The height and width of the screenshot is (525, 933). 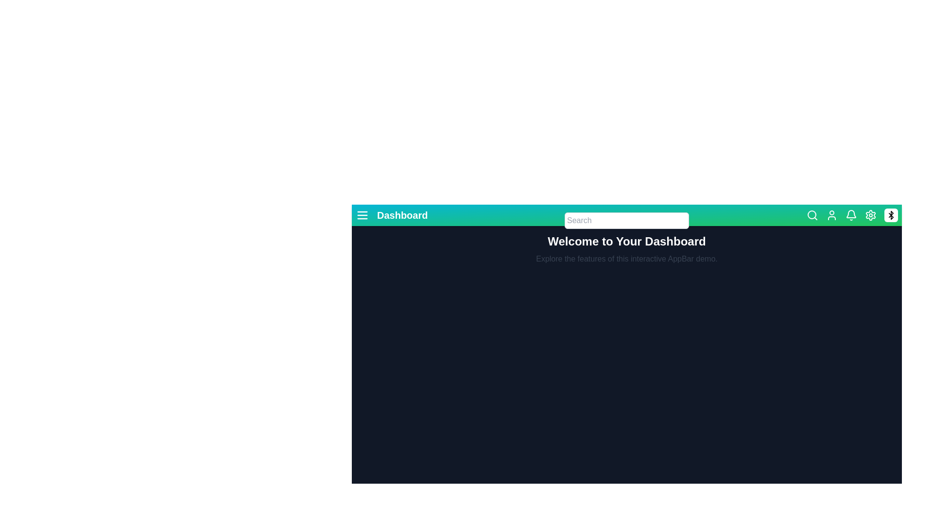 I want to click on the theme toggle button to switch between dark and light modes, so click(x=891, y=215).